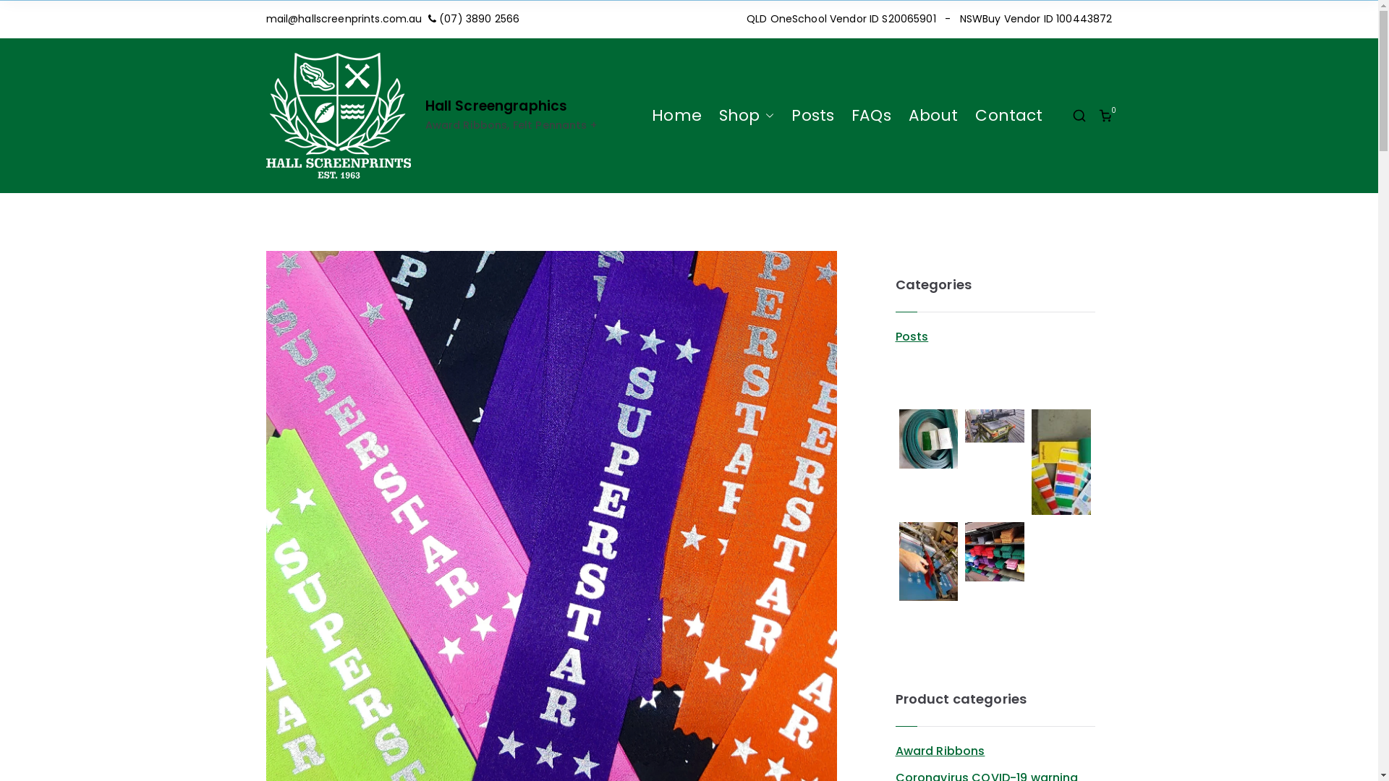 The image size is (1389, 781). I want to click on '(07) 3890 2566', so click(479, 19).